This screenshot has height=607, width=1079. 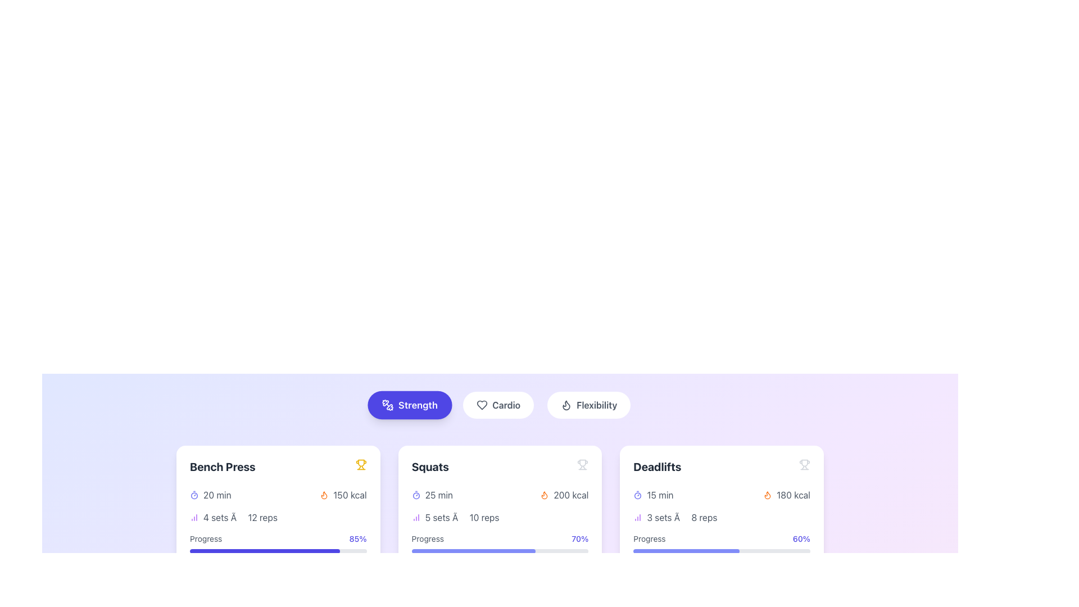 I want to click on the button that initiates the workout session for 'Bench Press', located at the bottom of the card beneath the progress bar to change its background color, so click(x=278, y=574).